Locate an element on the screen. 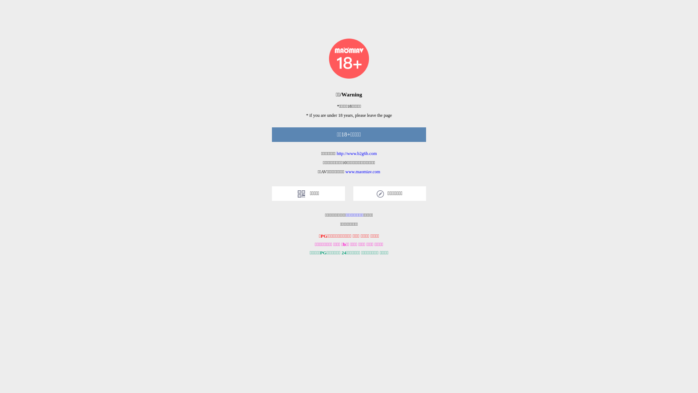 The width and height of the screenshot is (698, 393). 'http://www.b2g6b.com' is located at coordinates (336, 153).